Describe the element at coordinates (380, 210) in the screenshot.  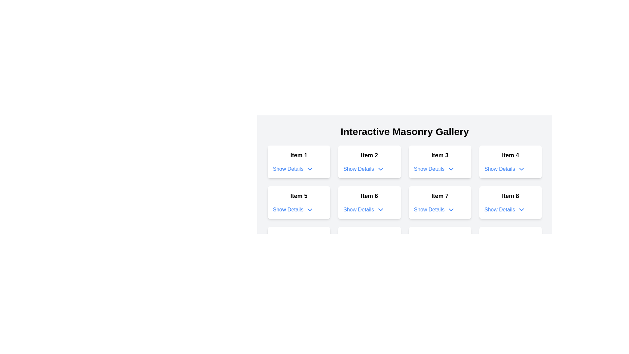
I see `the dropdown indicator icon located in the sixth grid cell of the gallery layout, adjacent to the 'Show Details' button for 'Item 6'` at that location.